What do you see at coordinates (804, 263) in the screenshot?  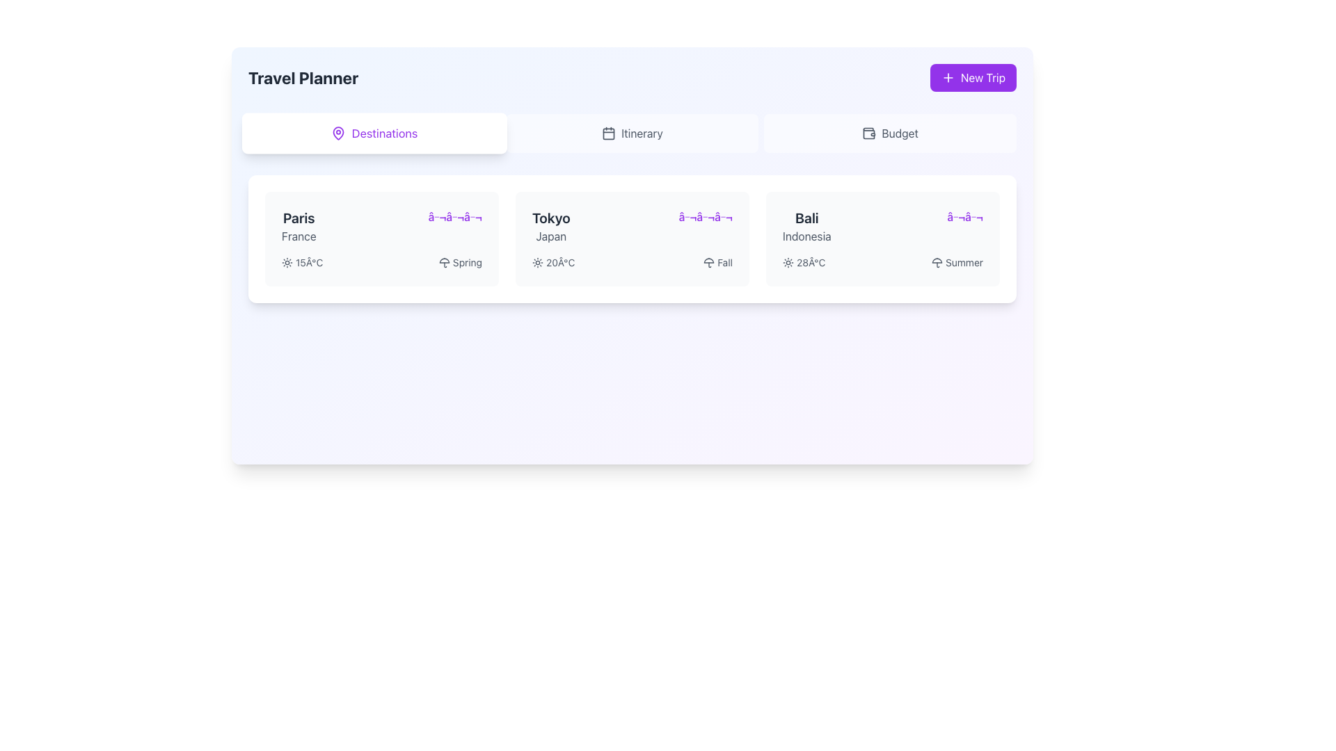 I see `the static information display showing '28°C' in a blue-grey font, located inside the 'Bali, Indonesia' card` at bounding box center [804, 263].